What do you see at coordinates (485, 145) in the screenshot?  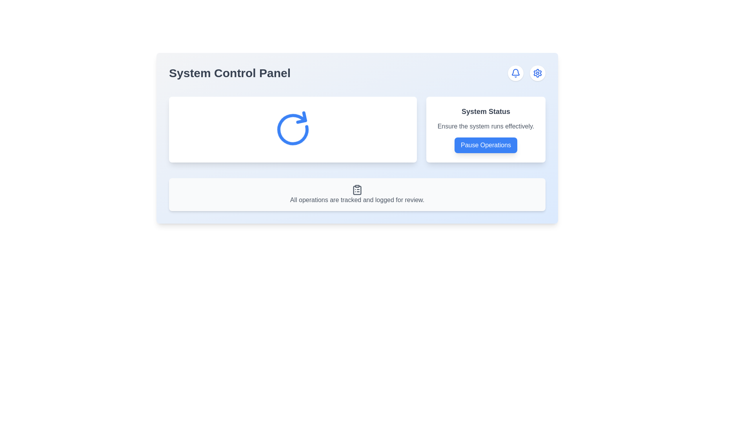 I see `the 'Pause Operations' button, which has a blue background and white text, located in the bottom-right area of the 'System Status' card` at bounding box center [485, 145].